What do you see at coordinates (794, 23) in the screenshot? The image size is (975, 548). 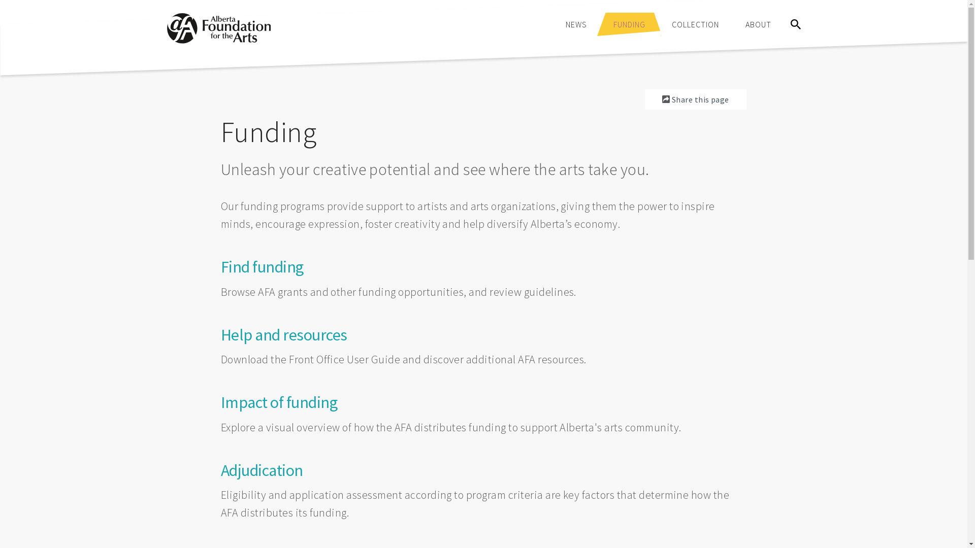 I see `'SEARCH'` at bounding box center [794, 23].